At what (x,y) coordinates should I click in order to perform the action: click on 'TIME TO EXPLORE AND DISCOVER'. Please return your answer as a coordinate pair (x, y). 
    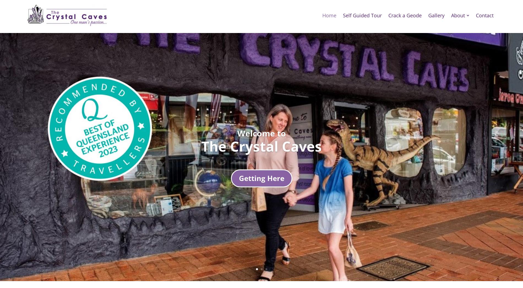
    Looking at the image, I should click on (261, 149).